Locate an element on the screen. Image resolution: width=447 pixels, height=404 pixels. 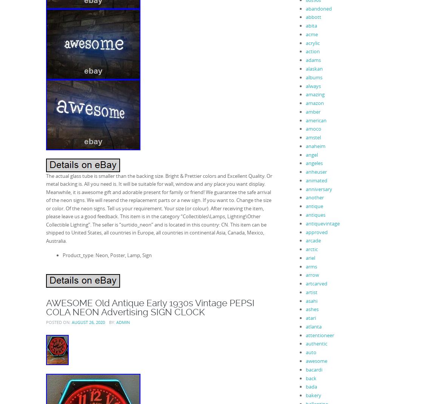
'AWESOME Old Antique Early 1930s Vintage PEPSI COLA NEON Advertising SIGN CLOCK' is located at coordinates (150, 307).